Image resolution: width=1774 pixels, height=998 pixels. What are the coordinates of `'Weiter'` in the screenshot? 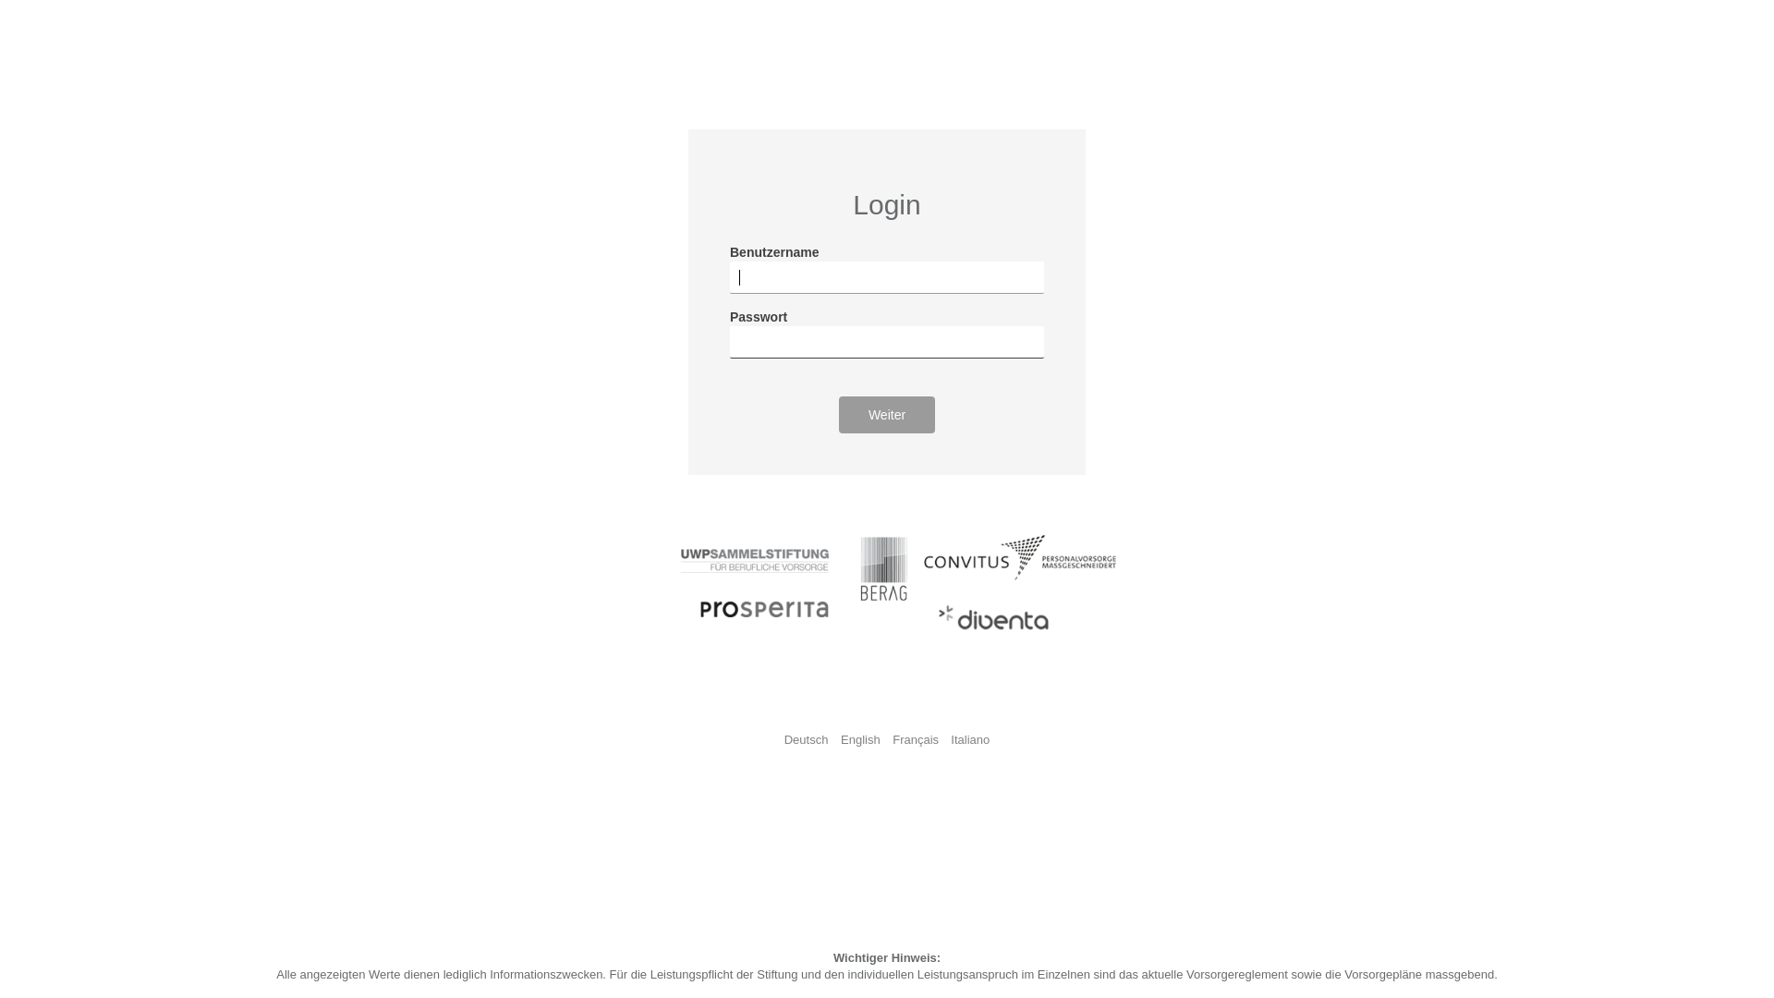 It's located at (887, 413).